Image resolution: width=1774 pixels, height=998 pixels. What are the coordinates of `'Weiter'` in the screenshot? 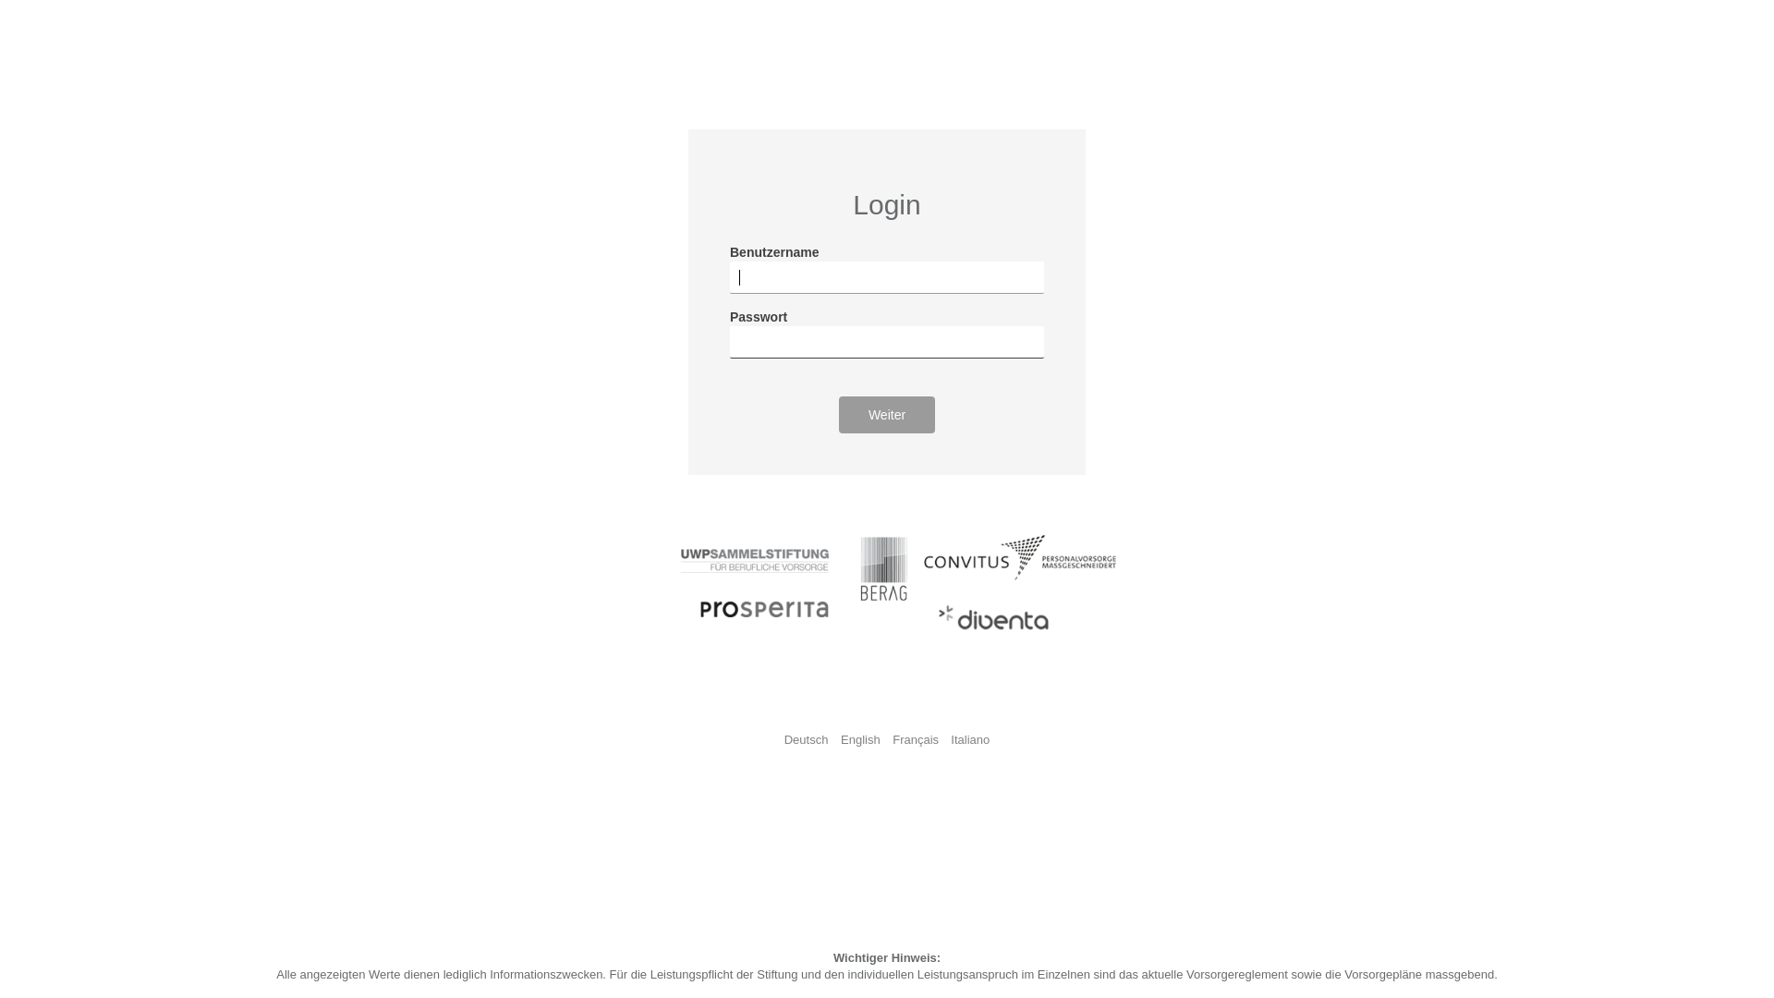 It's located at (887, 413).